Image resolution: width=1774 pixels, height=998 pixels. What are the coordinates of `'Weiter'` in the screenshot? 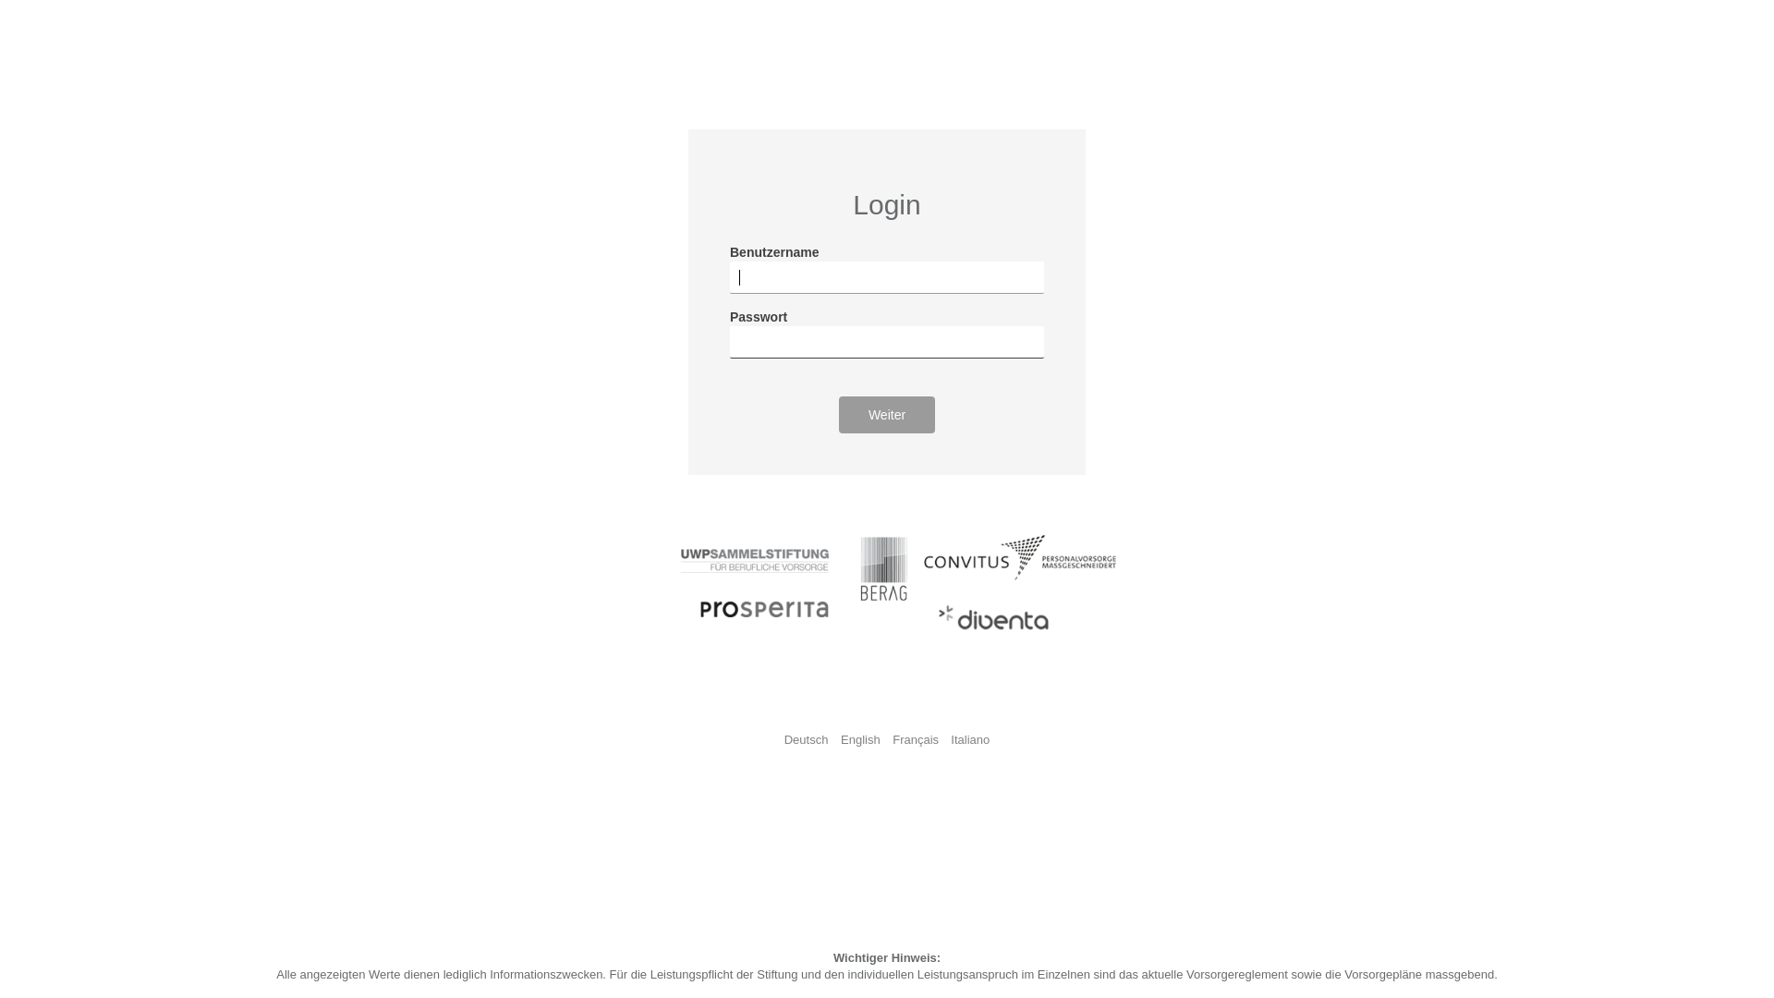 It's located at (887, 413).